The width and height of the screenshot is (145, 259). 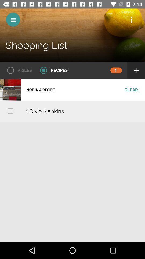 I want to click on to do list marker, so click(x=10, y=111).